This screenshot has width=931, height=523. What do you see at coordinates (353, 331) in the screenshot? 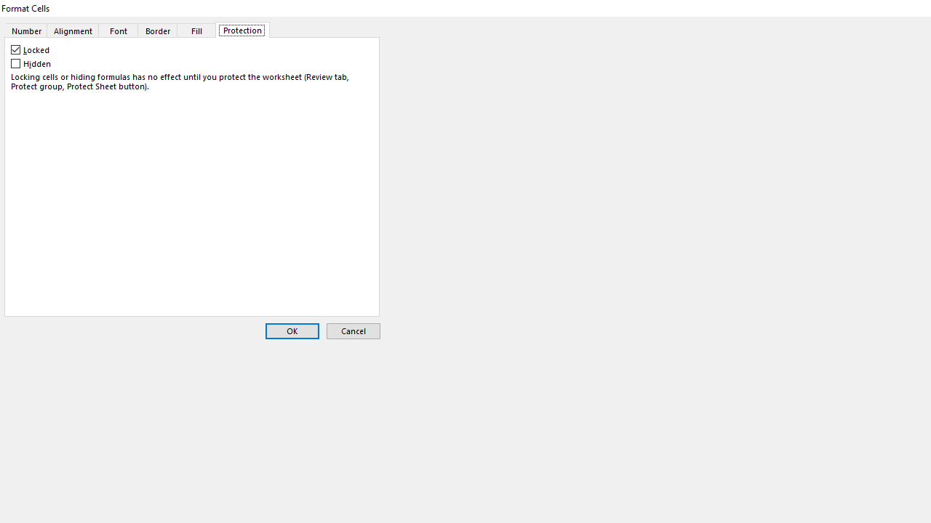
I see `'Cancel'` at bounding box center [353, 331].